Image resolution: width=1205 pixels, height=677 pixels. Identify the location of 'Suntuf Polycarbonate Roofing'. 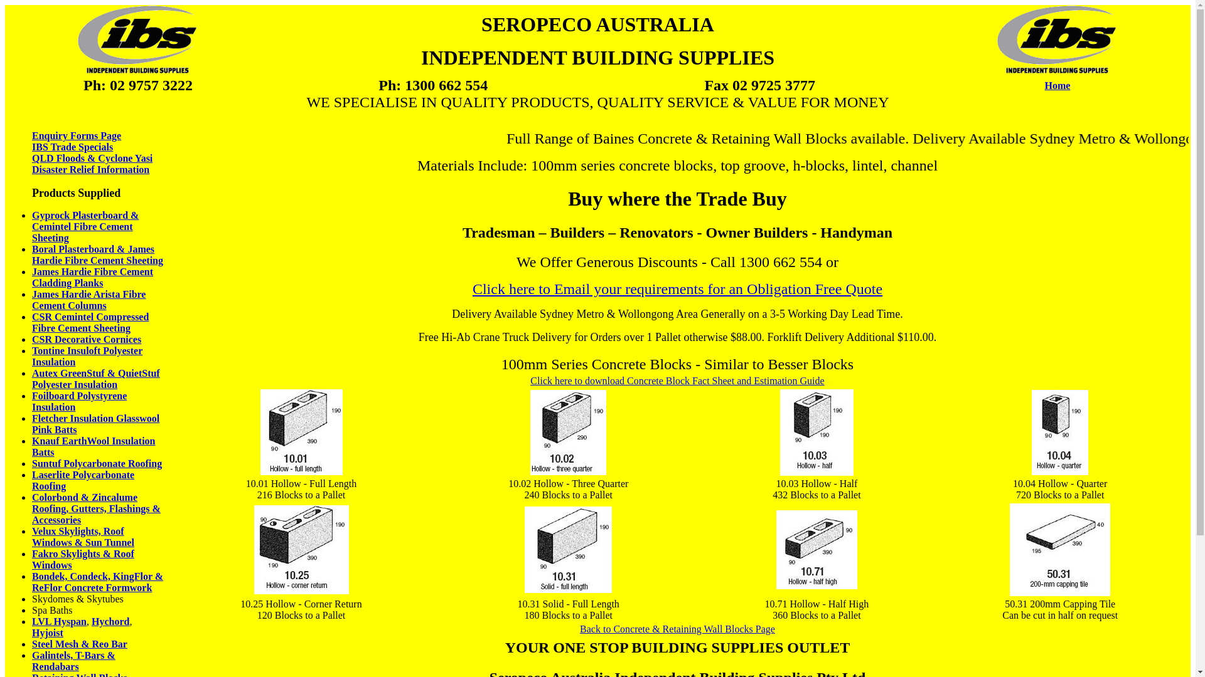
(32, 463).